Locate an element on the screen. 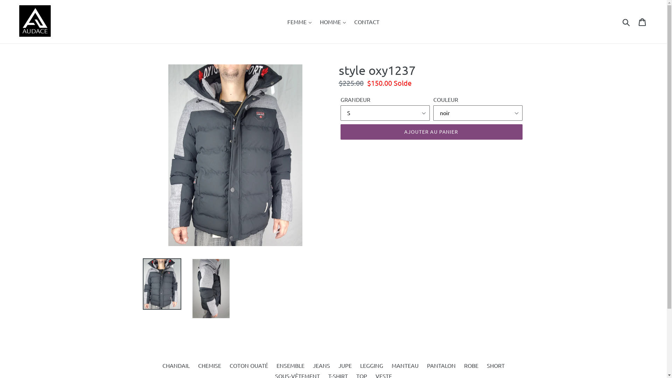 This screenshot has height=378, width=672. 'CHEMISE' is located at coordinates (209, 365).